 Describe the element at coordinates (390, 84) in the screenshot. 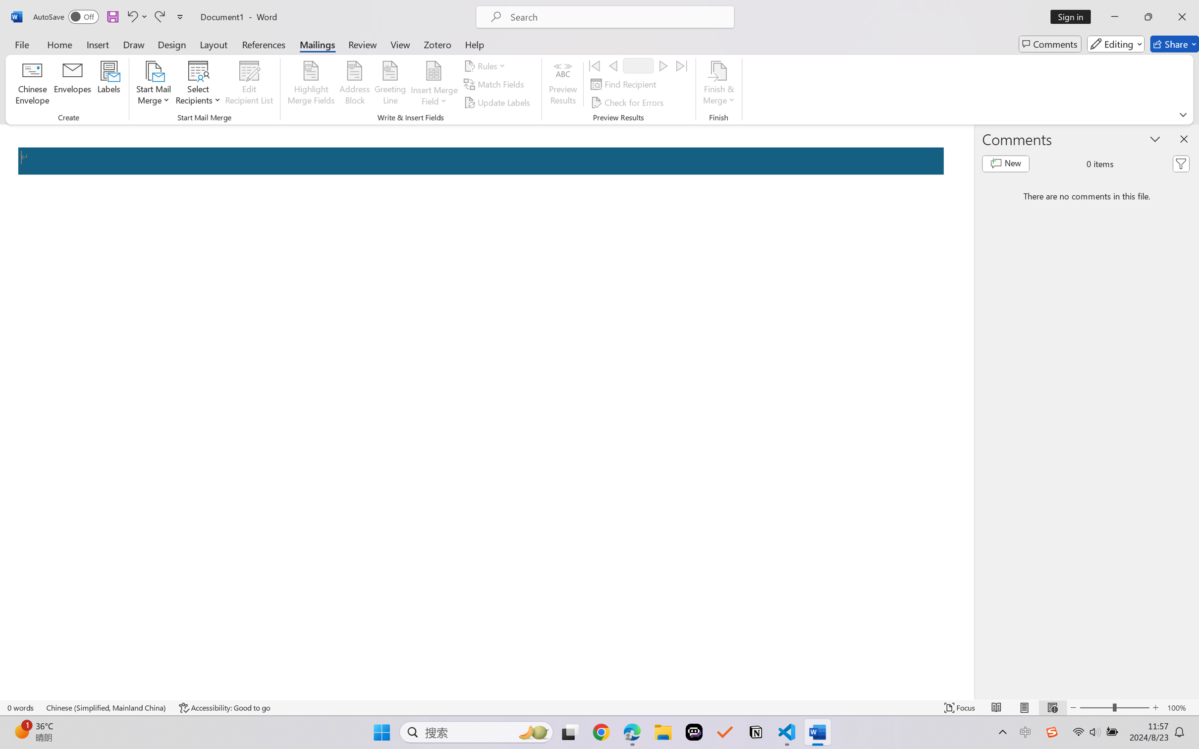

I see `'Greeting Line...'` at that location.